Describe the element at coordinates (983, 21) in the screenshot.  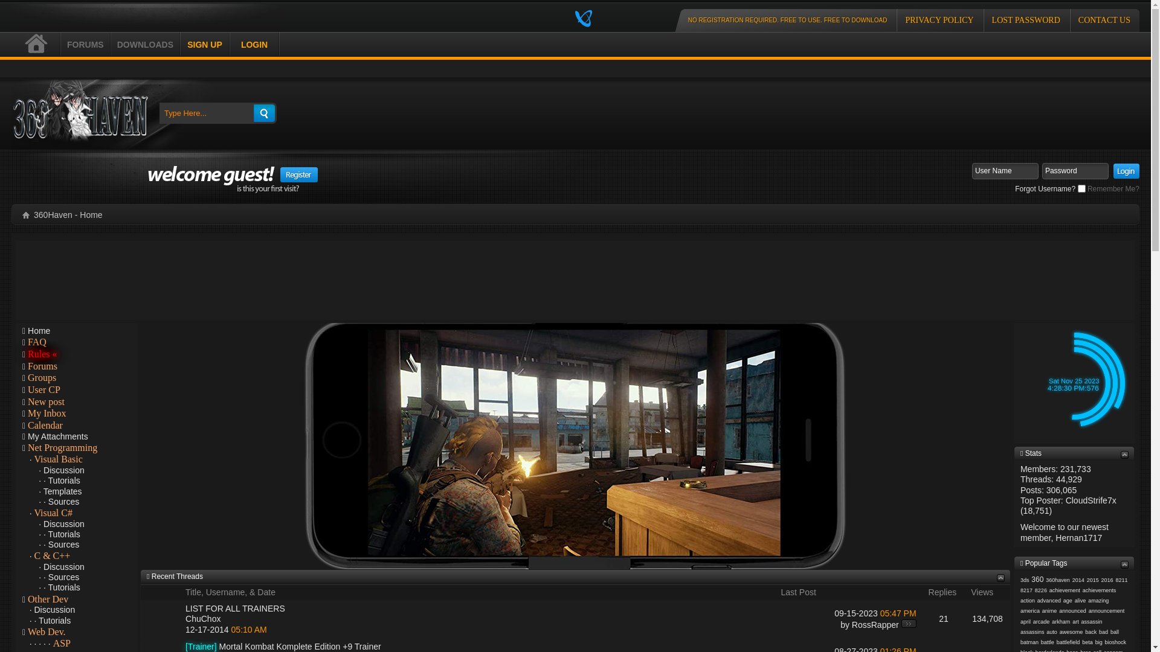
I see `'LOST PASSWORD'` at that location.